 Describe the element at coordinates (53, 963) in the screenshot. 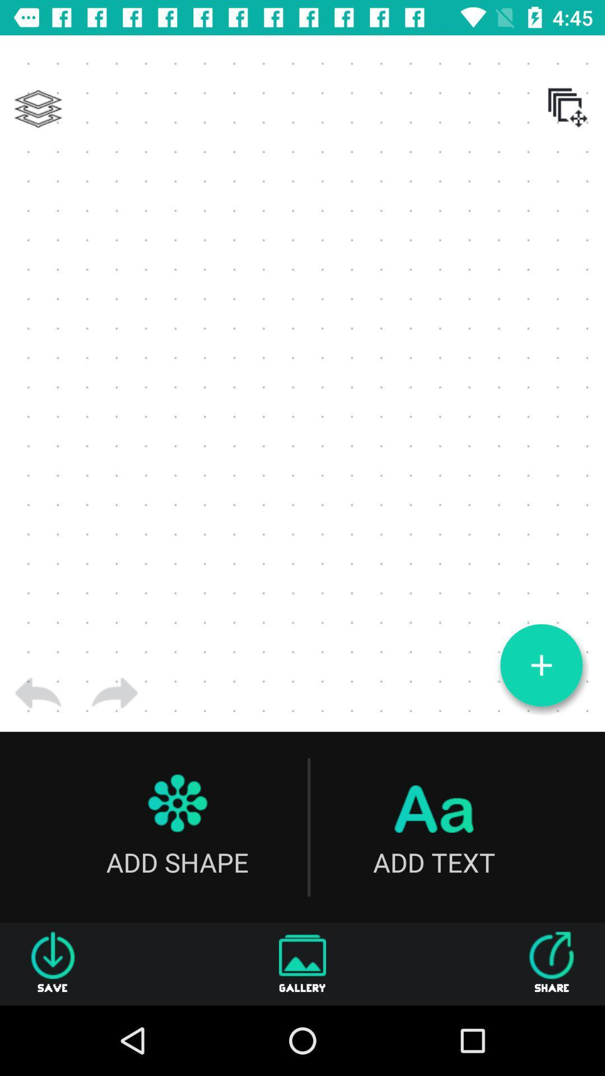

I see `save item` at that location.